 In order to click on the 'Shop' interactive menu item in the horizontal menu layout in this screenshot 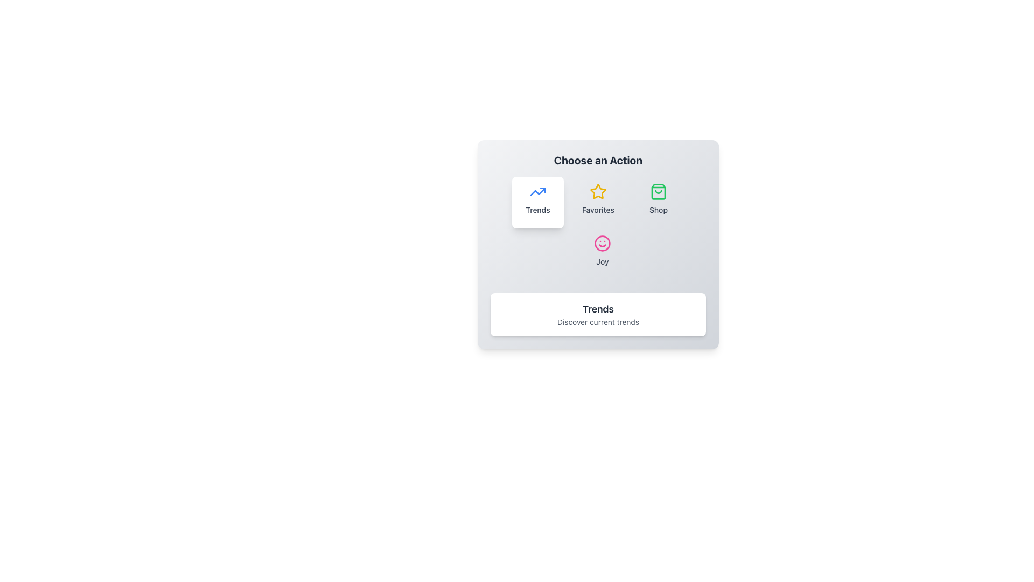, I will do `click(658, 202)`.